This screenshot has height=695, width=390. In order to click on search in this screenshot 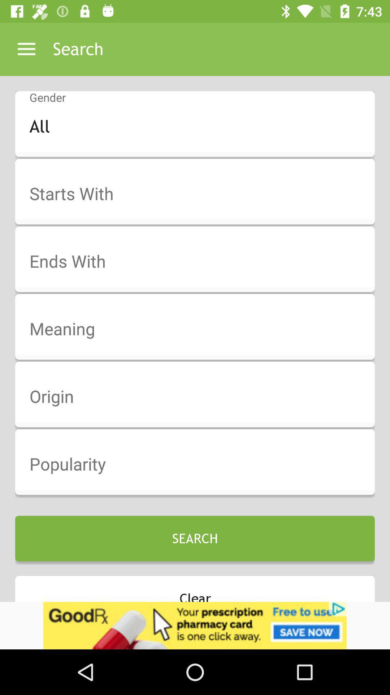, I will do `click(200, 194)`.